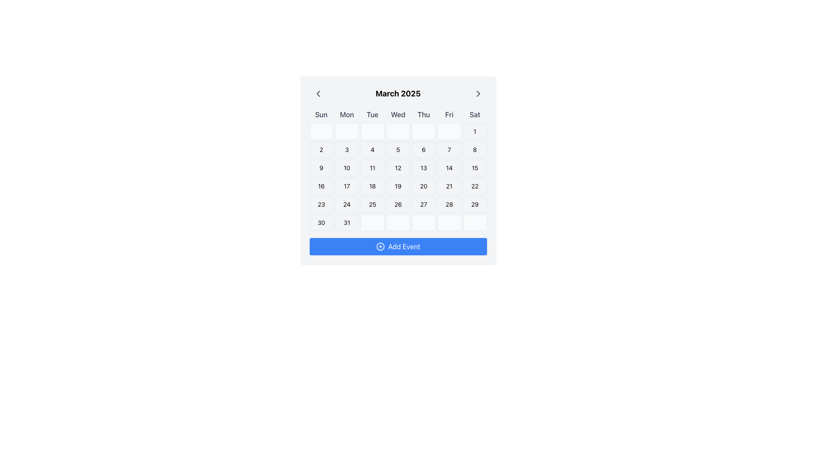 This screenshot has height=469, width=835. What do you see at coordinates (317, 94) in the screenshot?
I see `the navigational button for moving to the previous month in the calendar view, located to the left of the 'March 2025' title` at bounding box center [317, 94].